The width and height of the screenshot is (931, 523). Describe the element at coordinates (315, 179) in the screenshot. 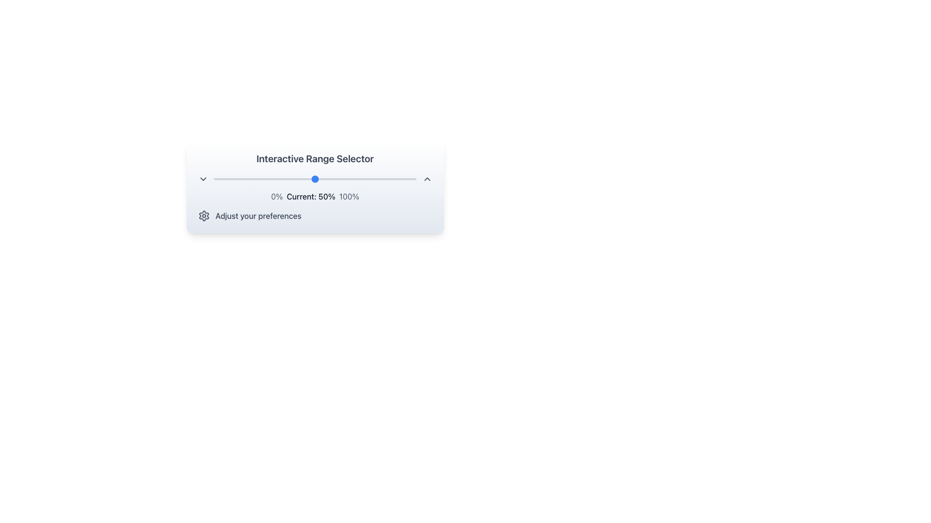

I see `the track of the range slider to set the handle to a specific position, as the slider allows users` at that location.